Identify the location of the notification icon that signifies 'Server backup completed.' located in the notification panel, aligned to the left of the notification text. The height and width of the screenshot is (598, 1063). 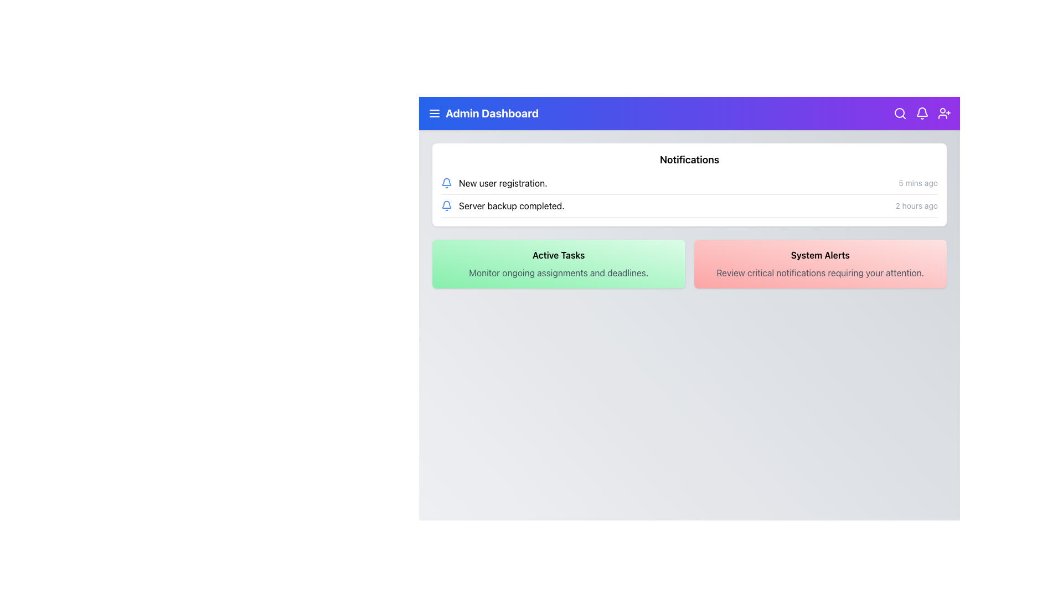
(446, 205).